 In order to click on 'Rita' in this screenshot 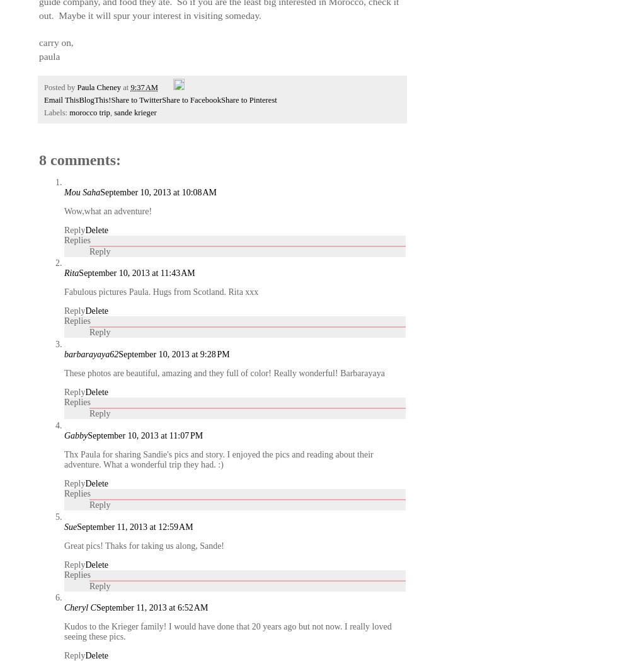, I will do `click(71, 272)`.